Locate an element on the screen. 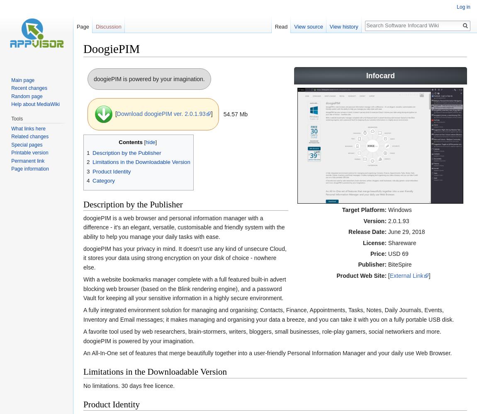 This screenshot has width=477, height=414. 'Product Web Site:' is located at coordinates (361, 275).